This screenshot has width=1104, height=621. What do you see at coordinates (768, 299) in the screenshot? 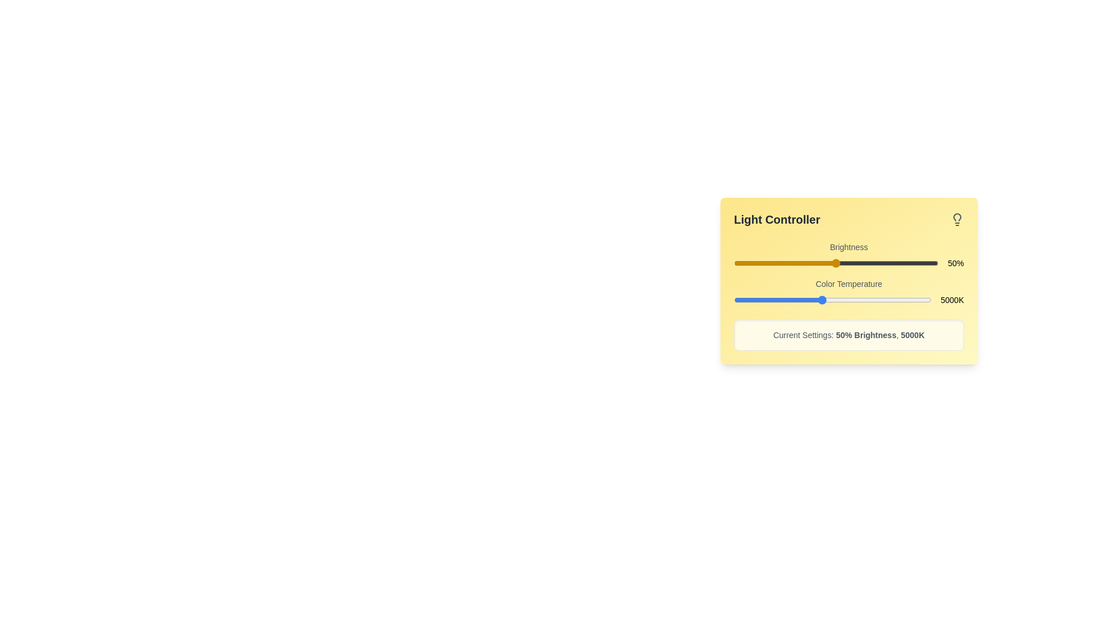
I see `the color temperature slider to set the value to 2543 K` at bounding box center [768, 299].